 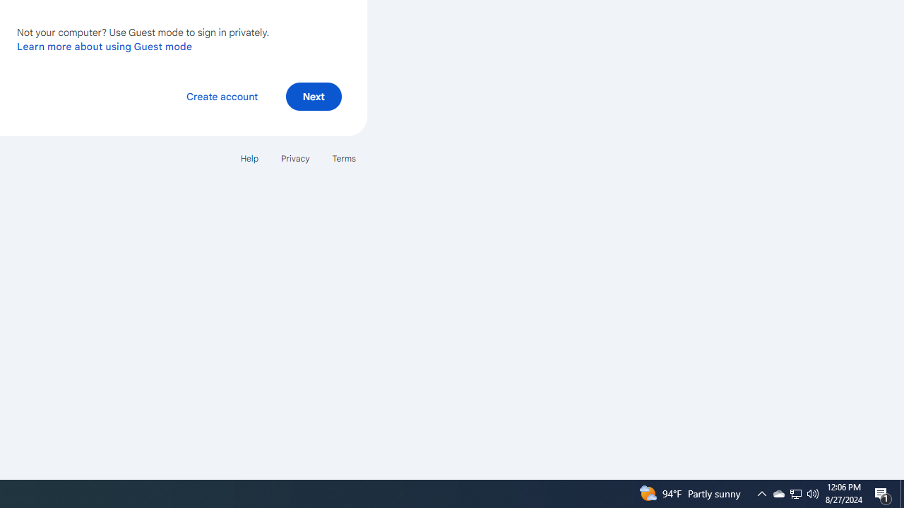 I want to click on 'Next', so click(x=313, y=95).